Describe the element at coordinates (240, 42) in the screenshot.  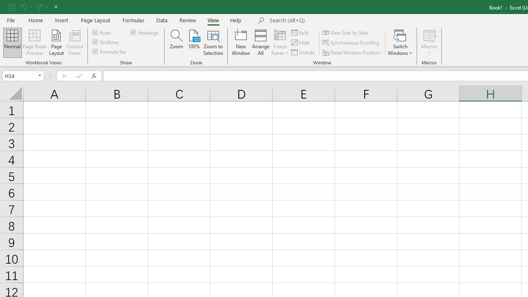
I see `'New Window'` at that location.